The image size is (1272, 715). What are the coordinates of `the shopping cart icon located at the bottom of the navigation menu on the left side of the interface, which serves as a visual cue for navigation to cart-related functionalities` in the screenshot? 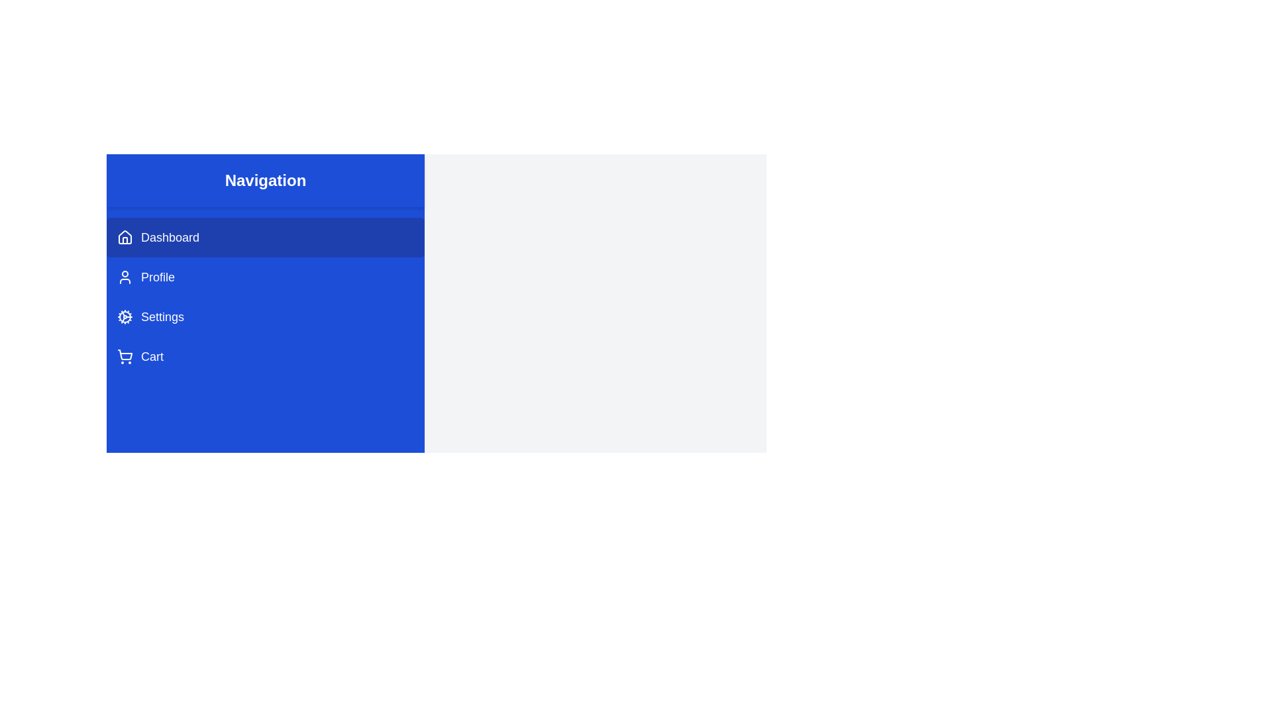 It's located at (125, 354).